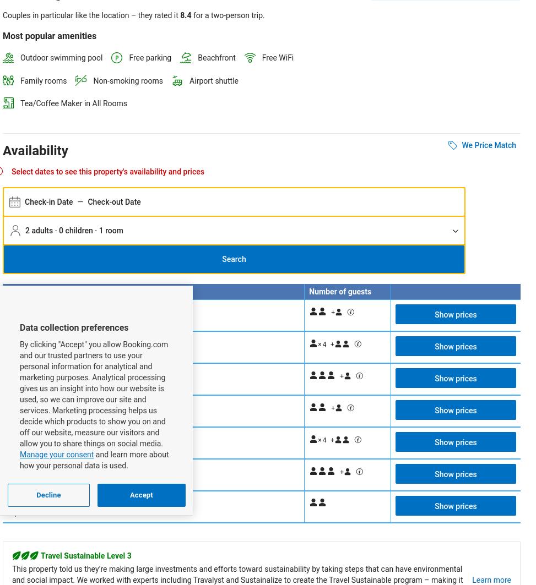  I want to click on 'Free parking', so click(128, 58).